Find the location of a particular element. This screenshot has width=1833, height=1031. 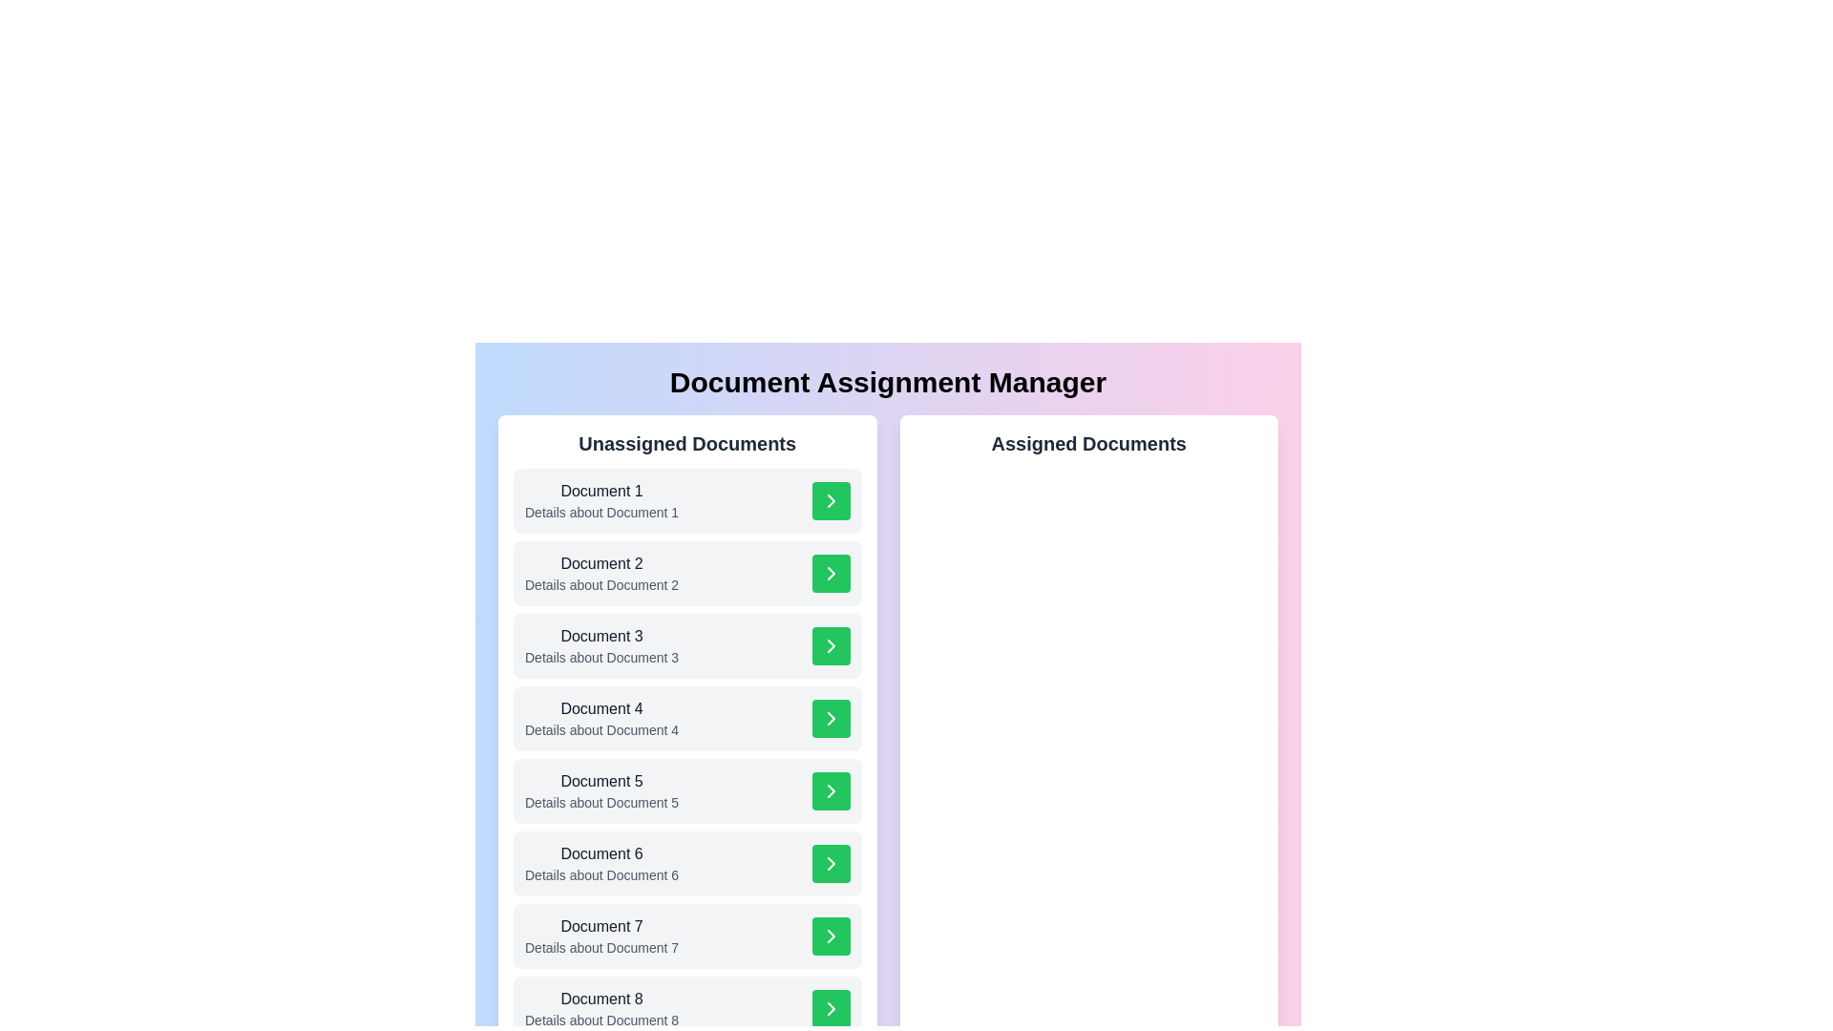

the chevron icon within the green button next to the 'Document 6' entry in the 'Unassigned Documents' column is located at coordinates (831, 864).